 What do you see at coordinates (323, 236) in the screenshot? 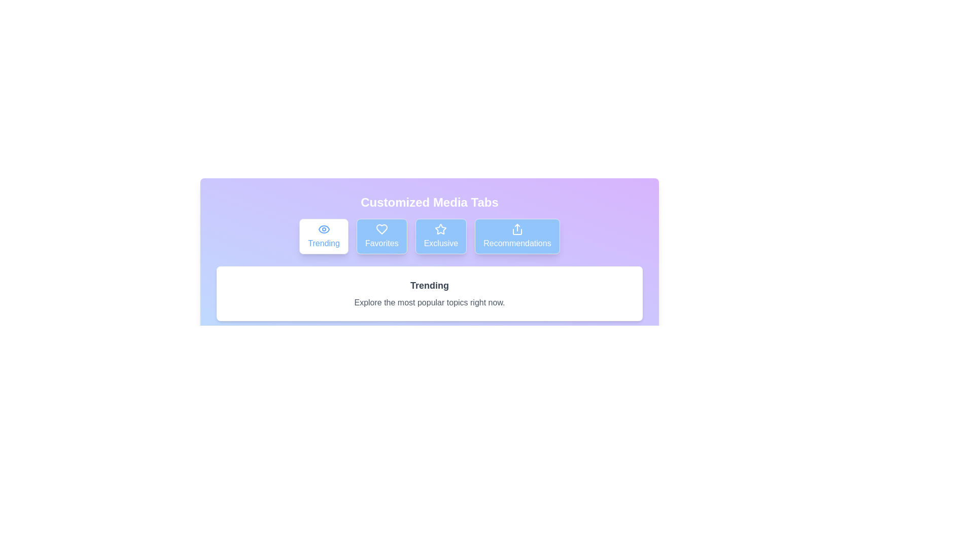
I see `the Trending tab` at bounding box center [323, 236].